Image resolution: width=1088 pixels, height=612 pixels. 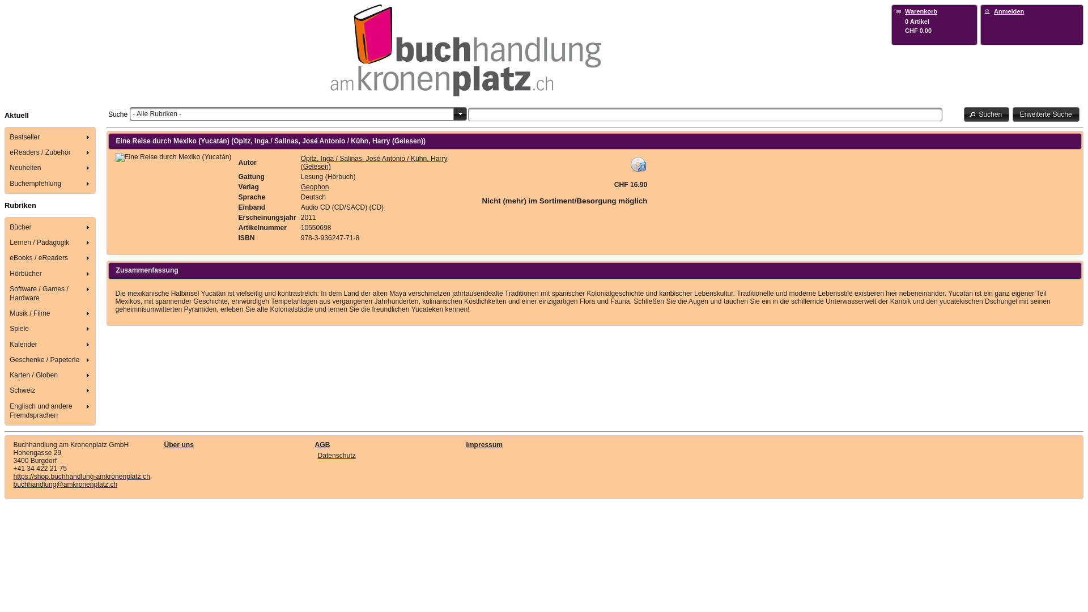 What do you see at coordinates (50, 292) in the screenshot?
I see `'Software / Games / Hardware'` at bounding box center [50, 292].